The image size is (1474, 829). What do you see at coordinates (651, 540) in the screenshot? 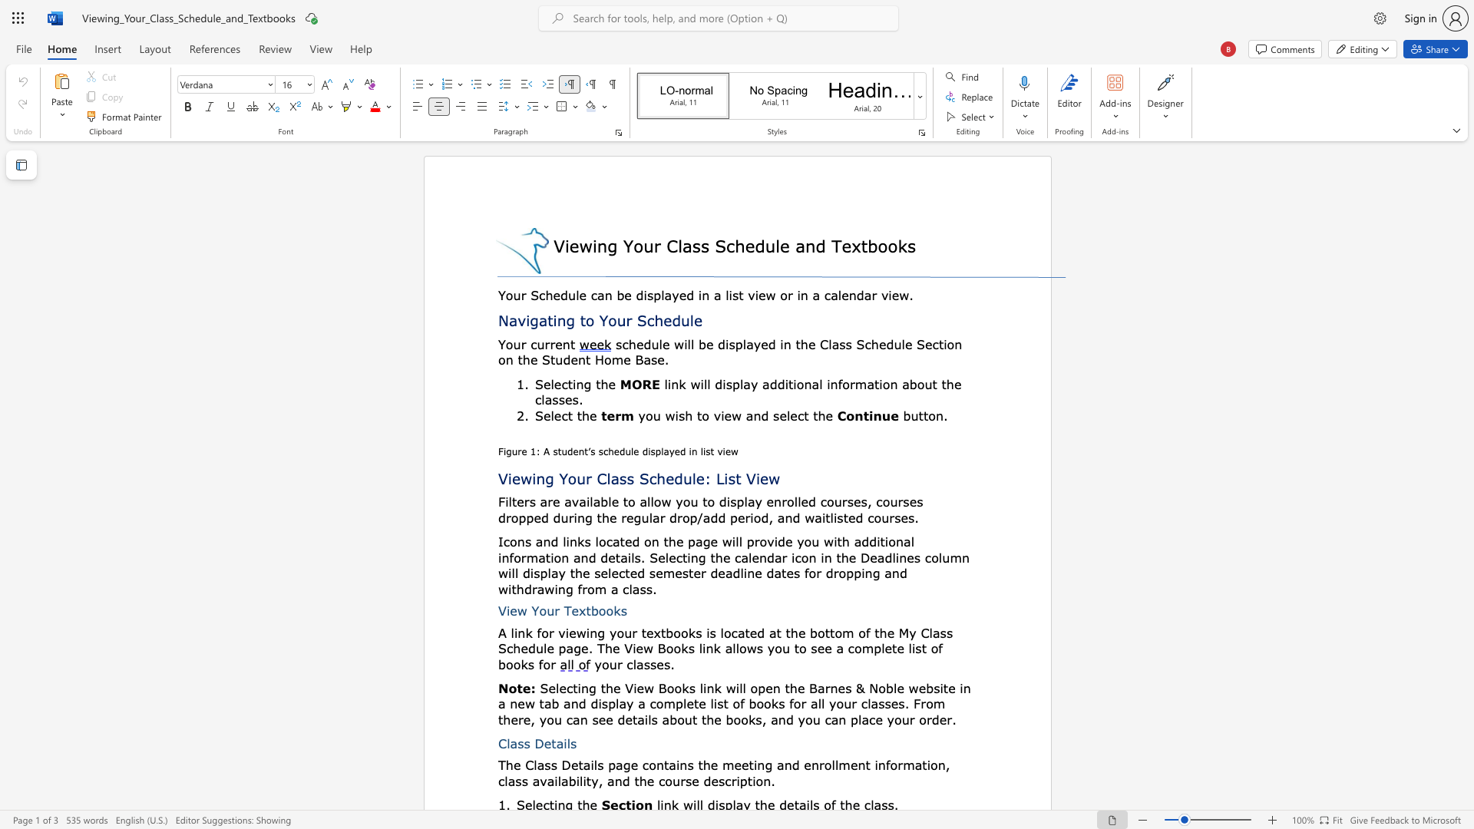
I see `the subset text "n the page will provide you" within the text "on the page will provide you with"` at bounding box center [651, 540].